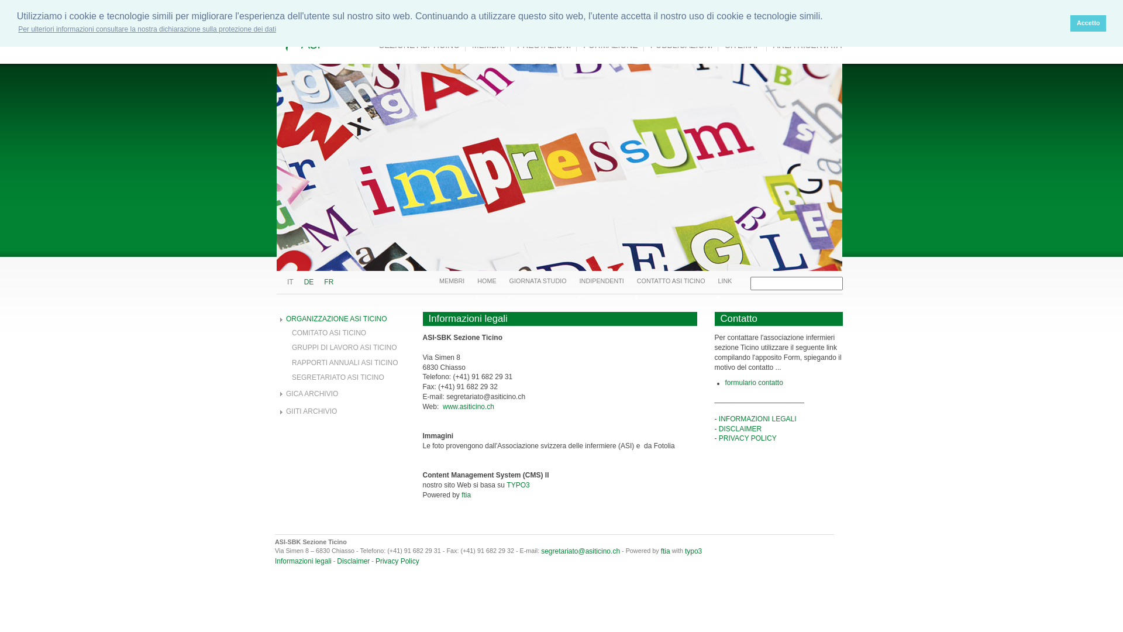  What do you see at coordinates (419, 44) in the screenshot?
I see `'SEZIONE ASI TICINO'` at bounding box center [419, 44].